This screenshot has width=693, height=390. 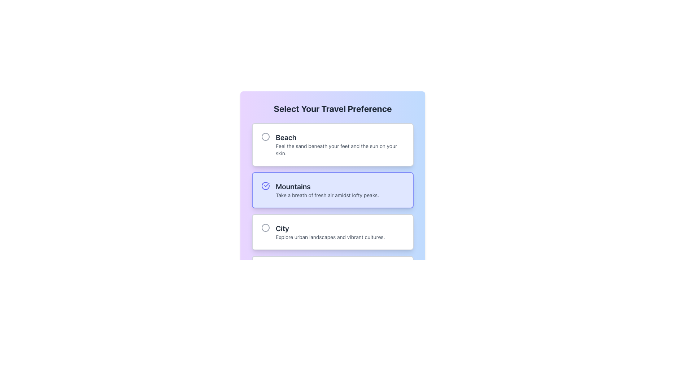 What do you see at coordinates (332, 207) in the screenshot?
I see `the 'Mountains' radio button using the keyboard tab key and select it using the space or enter key` at bounding box center [332, 207].